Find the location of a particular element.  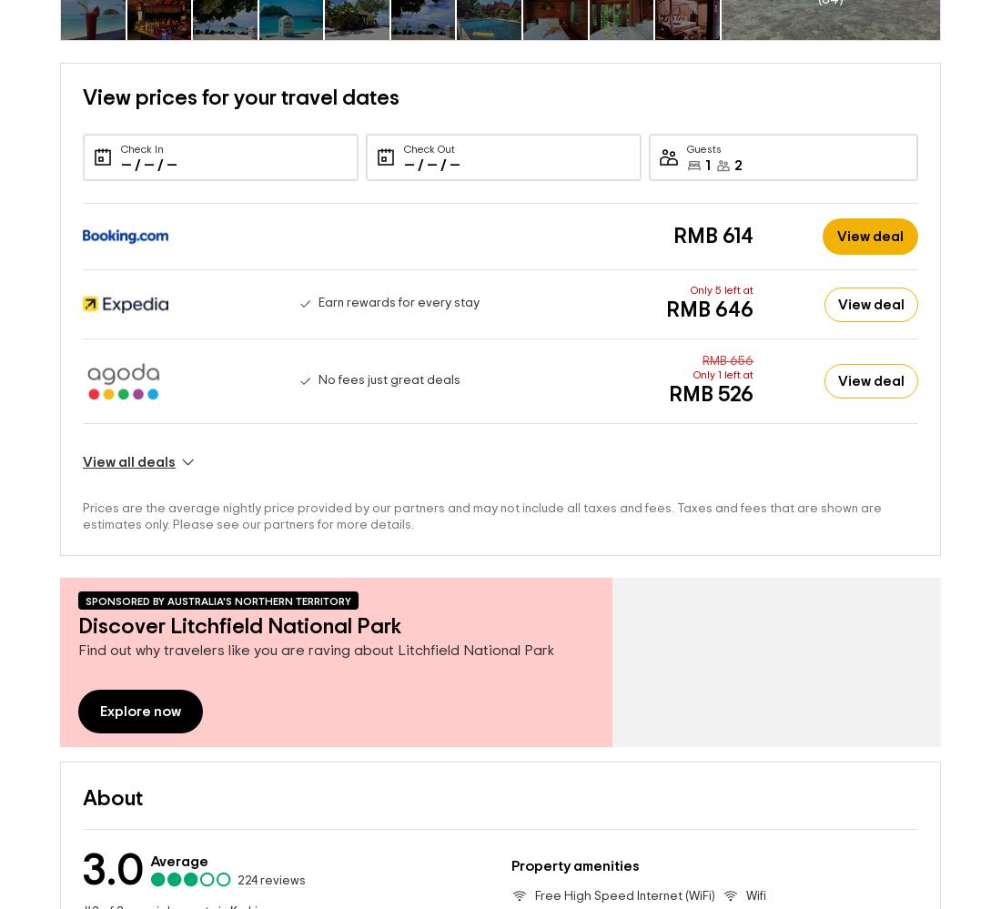

'Only 5 left at' is located at coordinates (722, 260).